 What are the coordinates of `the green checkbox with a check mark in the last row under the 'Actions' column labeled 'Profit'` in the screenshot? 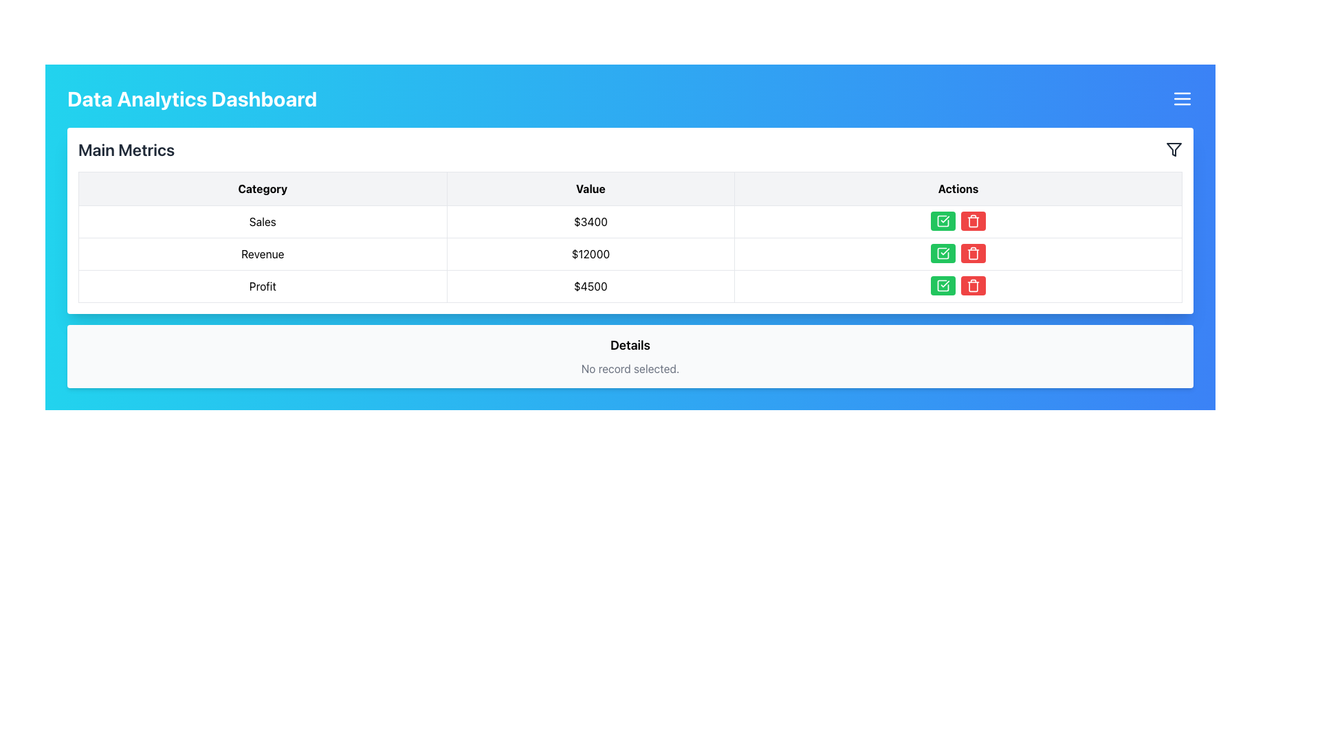 It's located at (943, 285).